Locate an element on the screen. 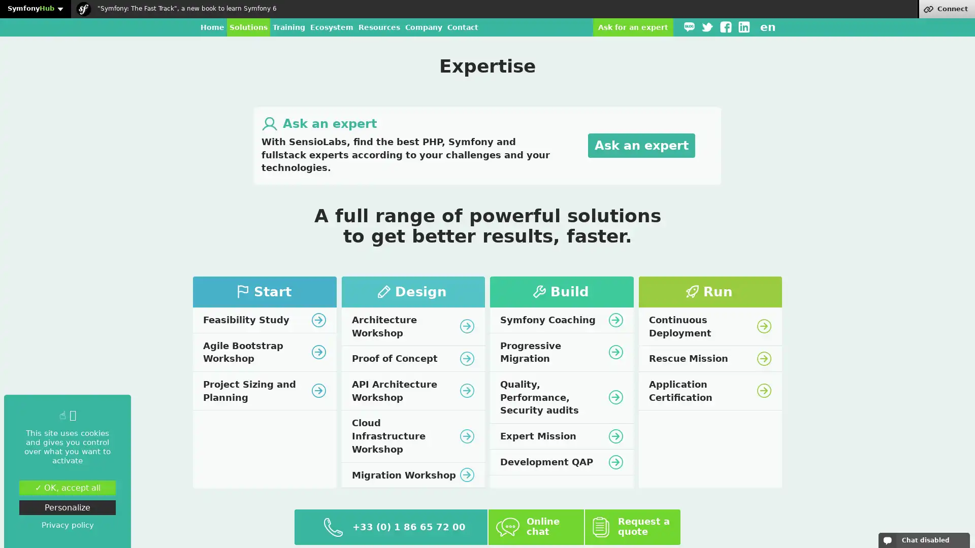  OK, accept all is located at coordinates (67, 487).